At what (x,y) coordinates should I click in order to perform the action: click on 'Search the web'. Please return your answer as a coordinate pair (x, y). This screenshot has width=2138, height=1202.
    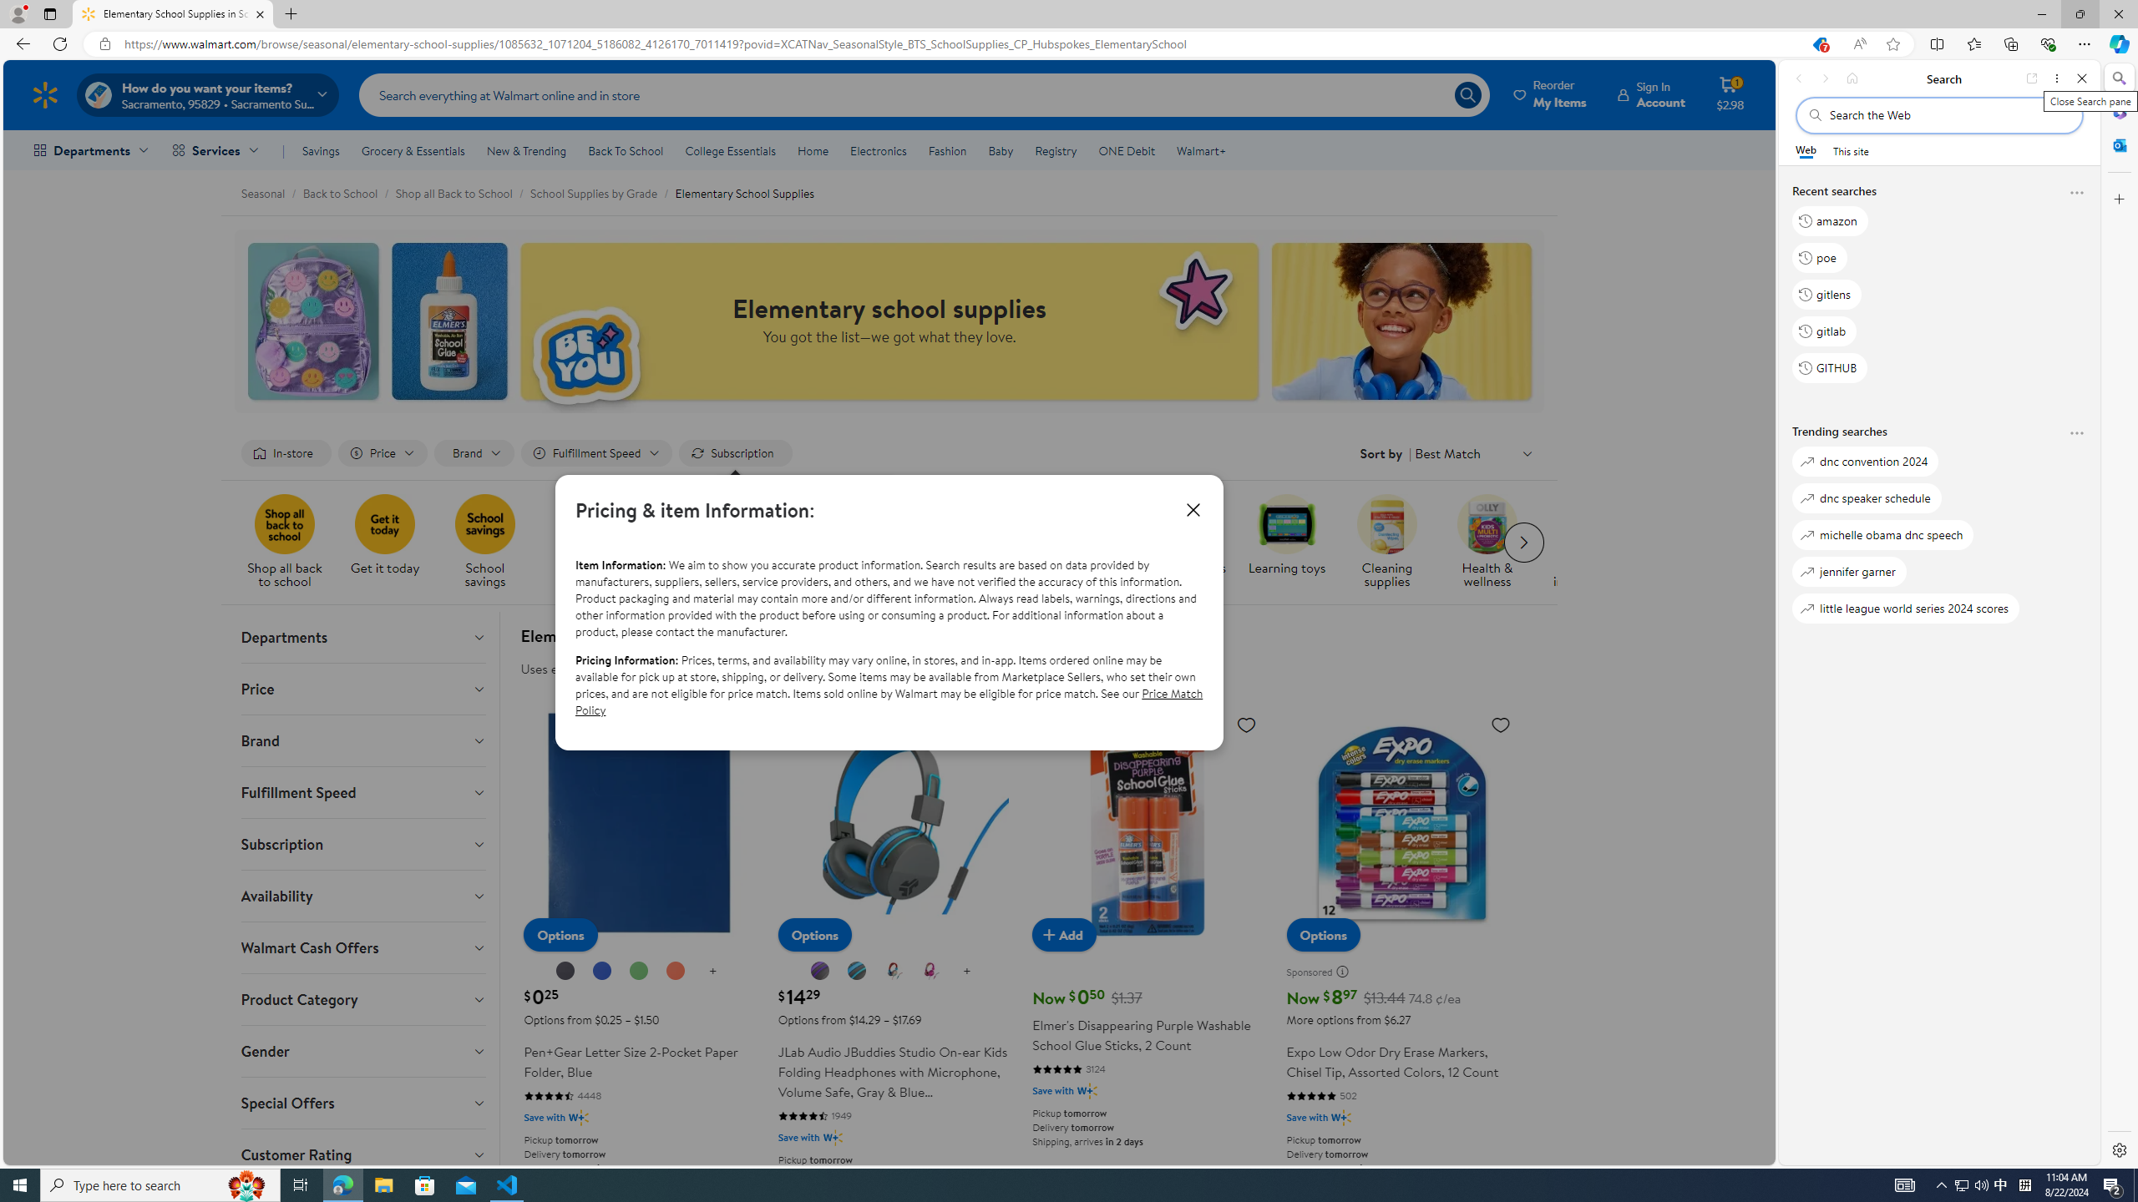
    Looking at the image, I should click on (1947, 114).